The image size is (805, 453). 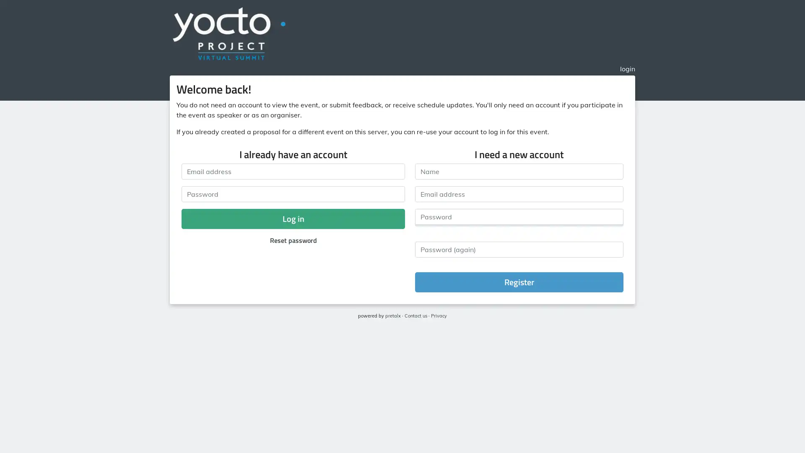 I want to click on Log in, so click(x=293, y=218).